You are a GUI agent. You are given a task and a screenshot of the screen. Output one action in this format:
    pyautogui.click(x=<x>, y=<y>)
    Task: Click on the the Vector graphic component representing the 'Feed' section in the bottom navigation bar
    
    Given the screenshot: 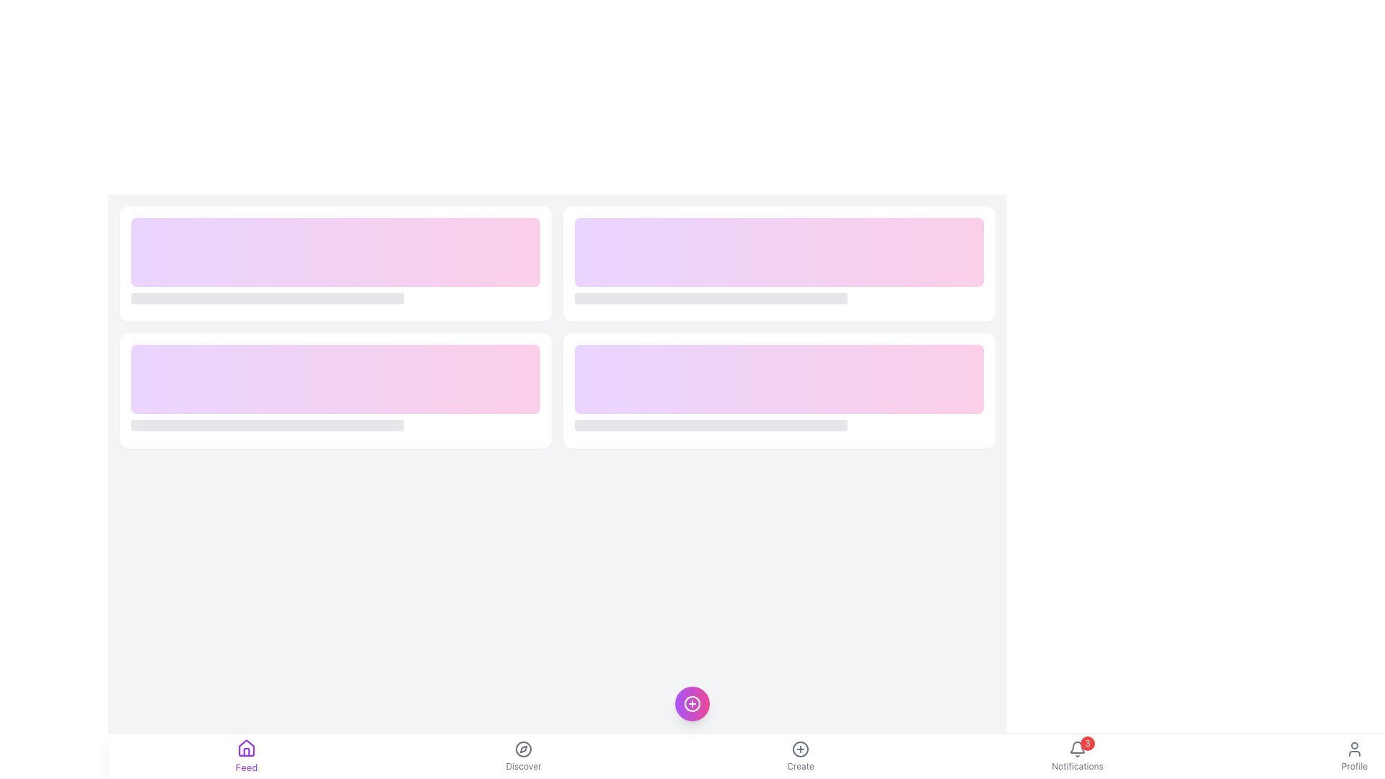 What is the action you would take?
    pyautogui.click(x=246, y=750)
    